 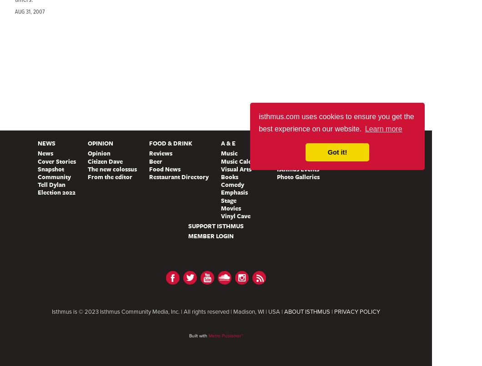 I want to click on 'Tell Dylan', so click(x=51, y=184).